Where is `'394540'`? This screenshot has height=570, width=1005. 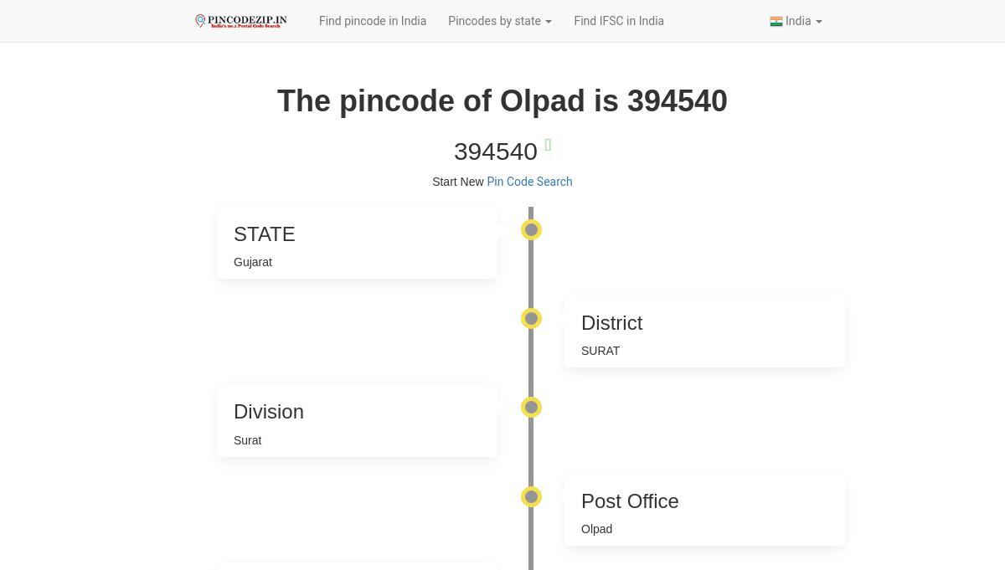
'394540' is located at coordinates (497, 149).